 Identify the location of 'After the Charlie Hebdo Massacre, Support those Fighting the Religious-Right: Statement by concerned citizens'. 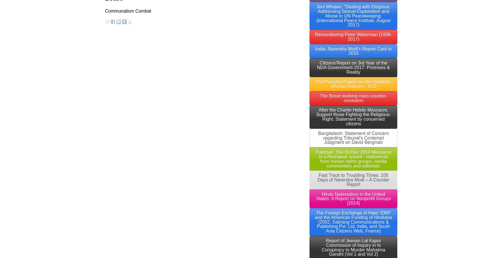
(353, 117).